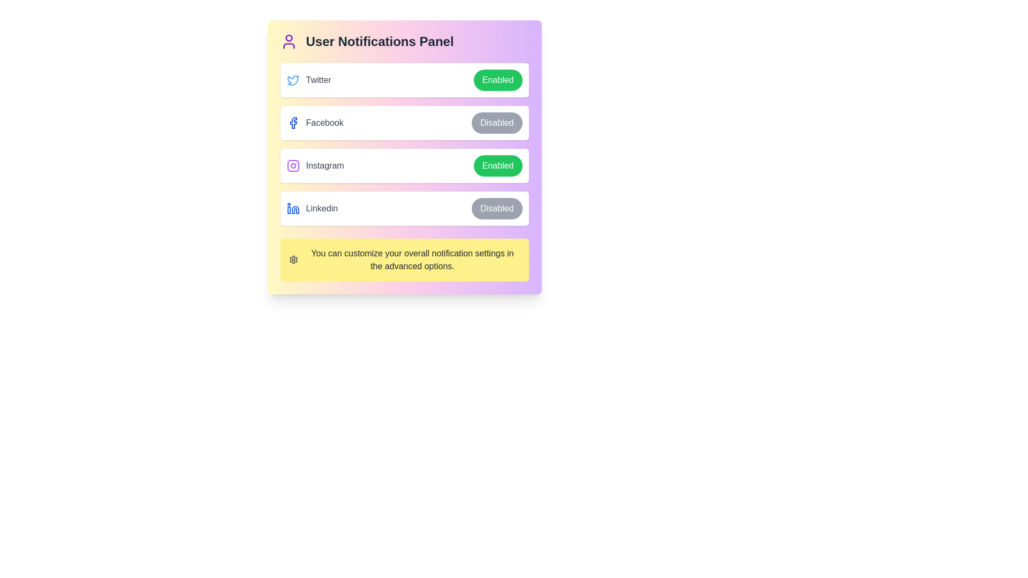 This screenshot has height=578, width=1028. What do you see at coordinates (289, 37) in the screenshot?
I see `the SVG Circle Element representing the user profile icon, located in the top-left region of the panel above the 'User Notifications Panel'` at bounding box center [289, 37].